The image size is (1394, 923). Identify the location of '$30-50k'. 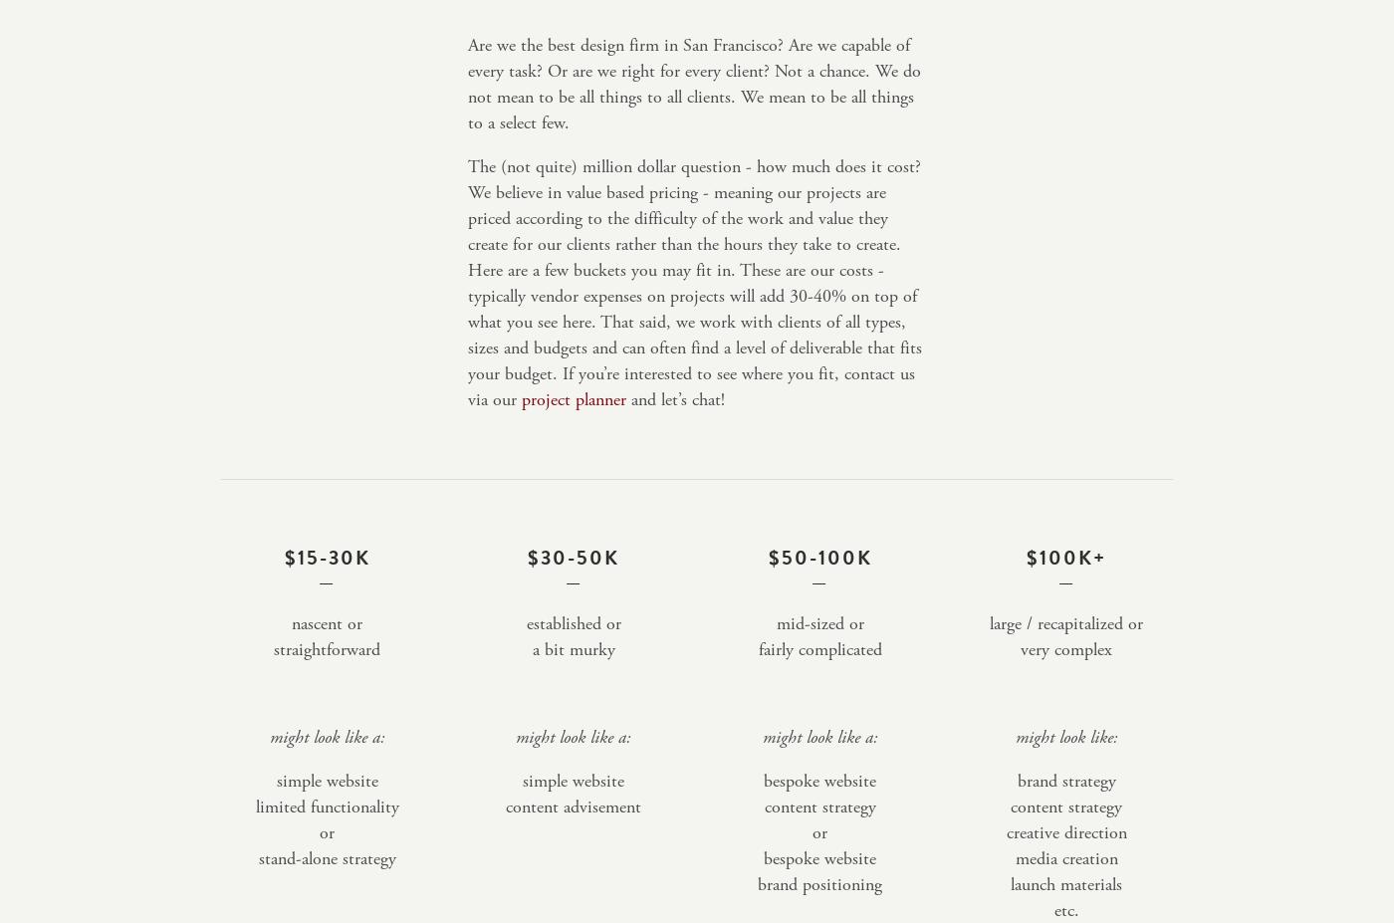
(573, 558).